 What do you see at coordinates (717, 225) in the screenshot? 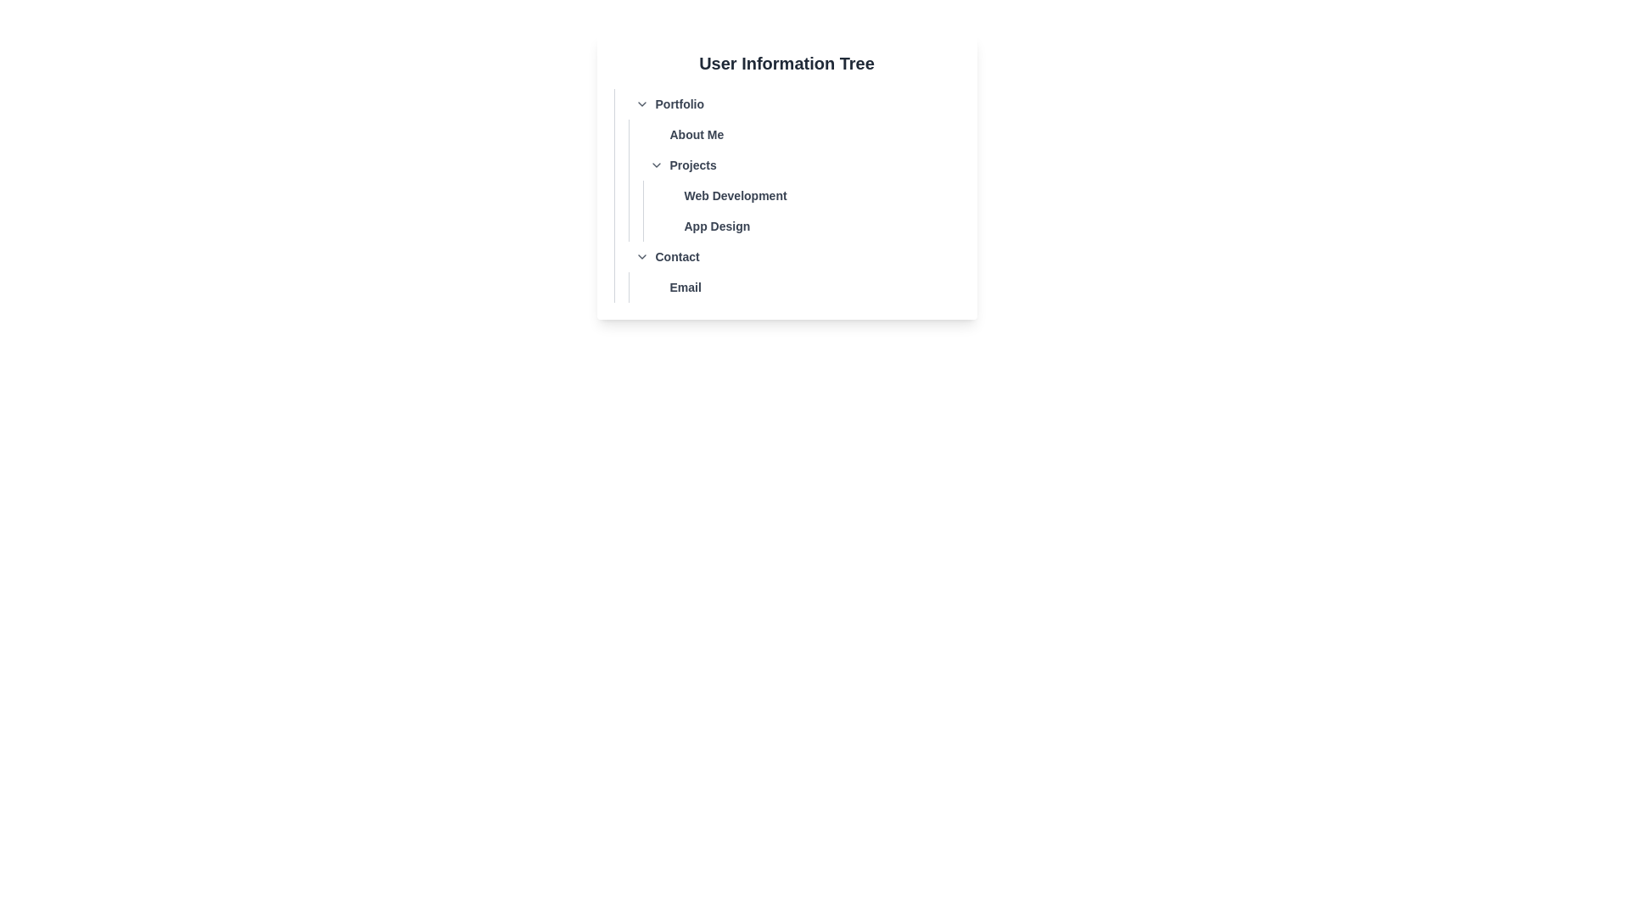
I see `the 'App Design' text label, which is styled with a bold font weight and small font size, colored in gray, located under the 'Projects' section adjacent to 'Web Development'` at bounding box center [717, 225].